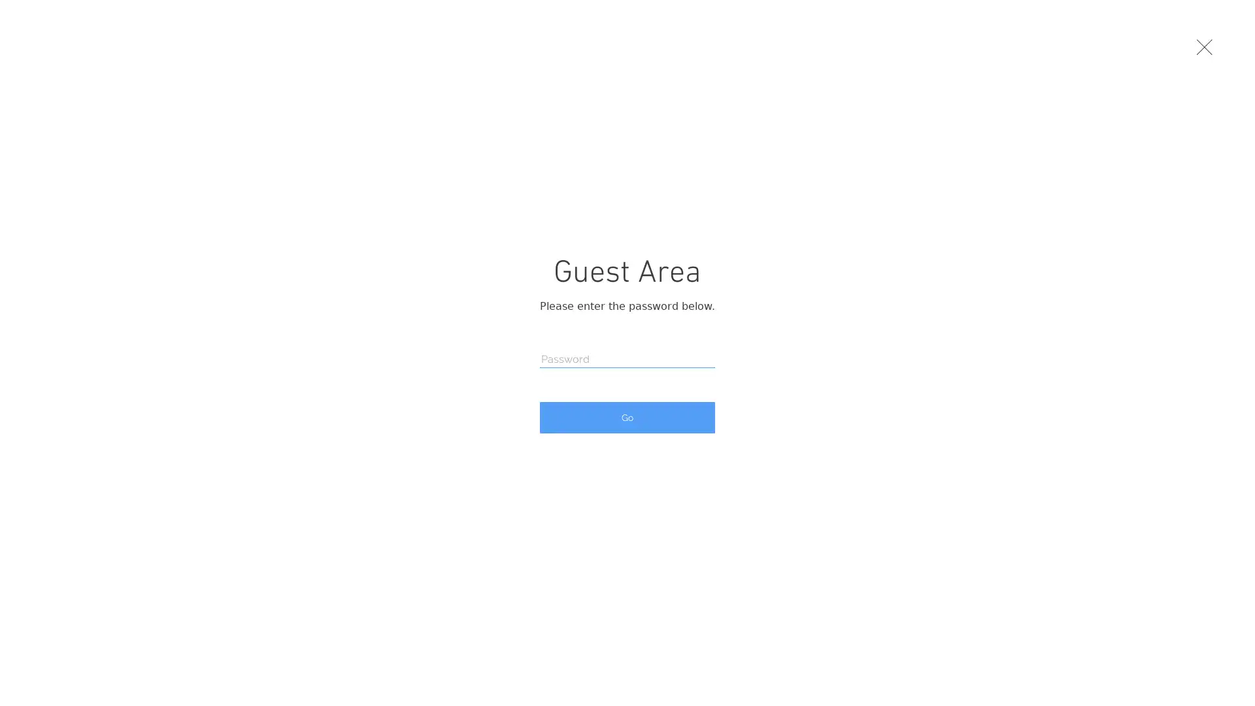 This screenshot has height=706, width=1255. I want to click on Go, so click(627, 418).